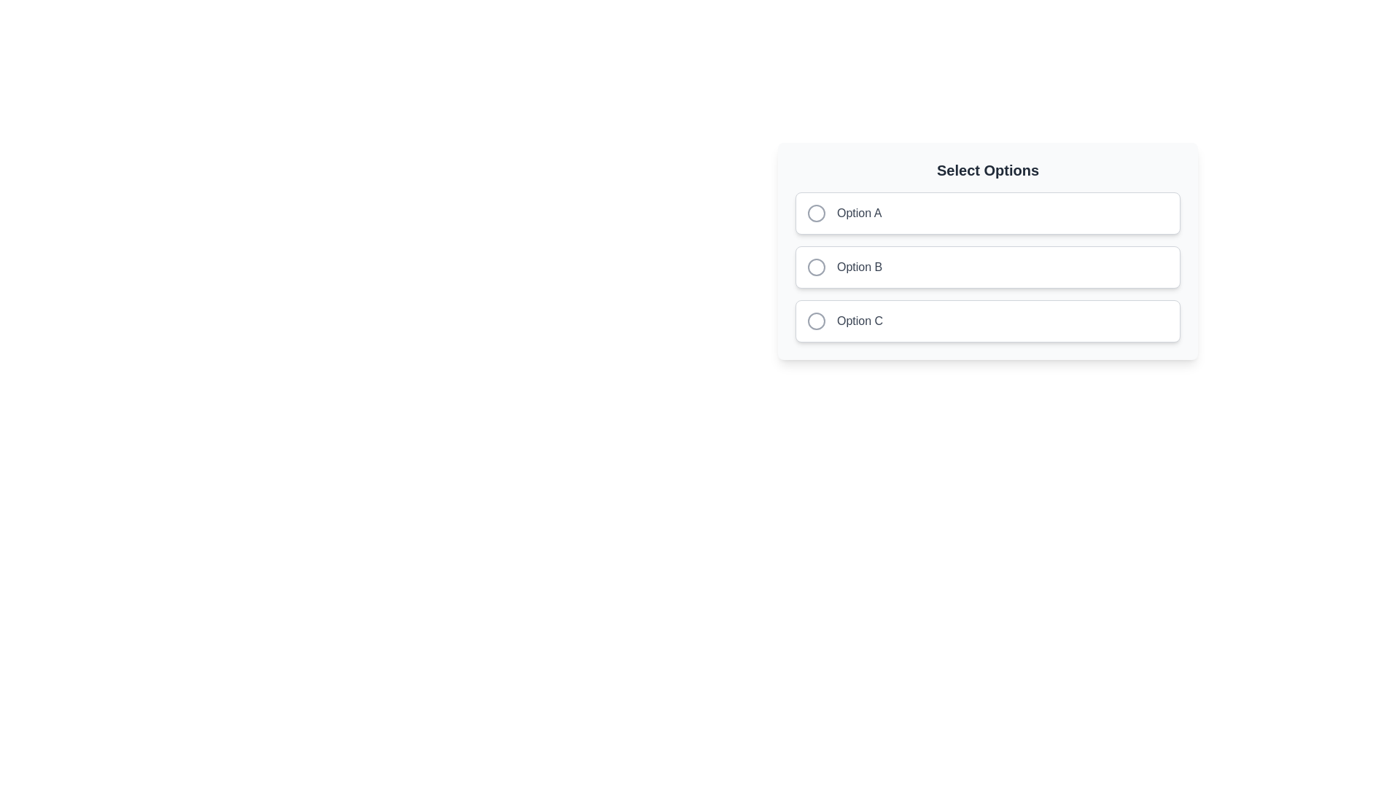 The image size is (1400, 787). What do you see at coordinates (860, 267) in the screenshot?
I see `the Text Label describing the selection choice 'Option B' that is positioned below 'Option A' with a radio button to its left` at bounding box center [860, 267].